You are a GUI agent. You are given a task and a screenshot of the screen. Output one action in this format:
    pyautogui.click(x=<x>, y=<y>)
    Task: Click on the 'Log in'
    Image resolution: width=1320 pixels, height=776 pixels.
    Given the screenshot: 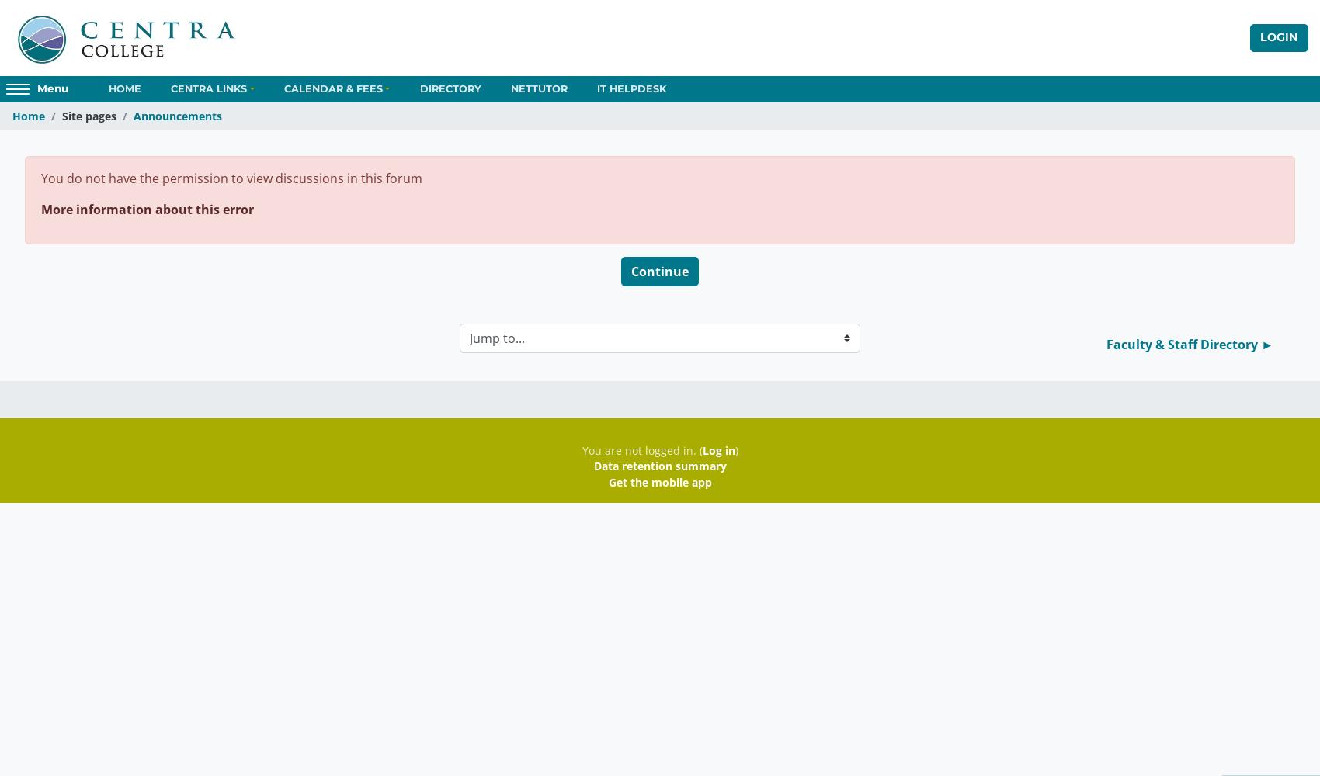 What is the action you would take?
    pyautogui.click(x=717, y=449)
    